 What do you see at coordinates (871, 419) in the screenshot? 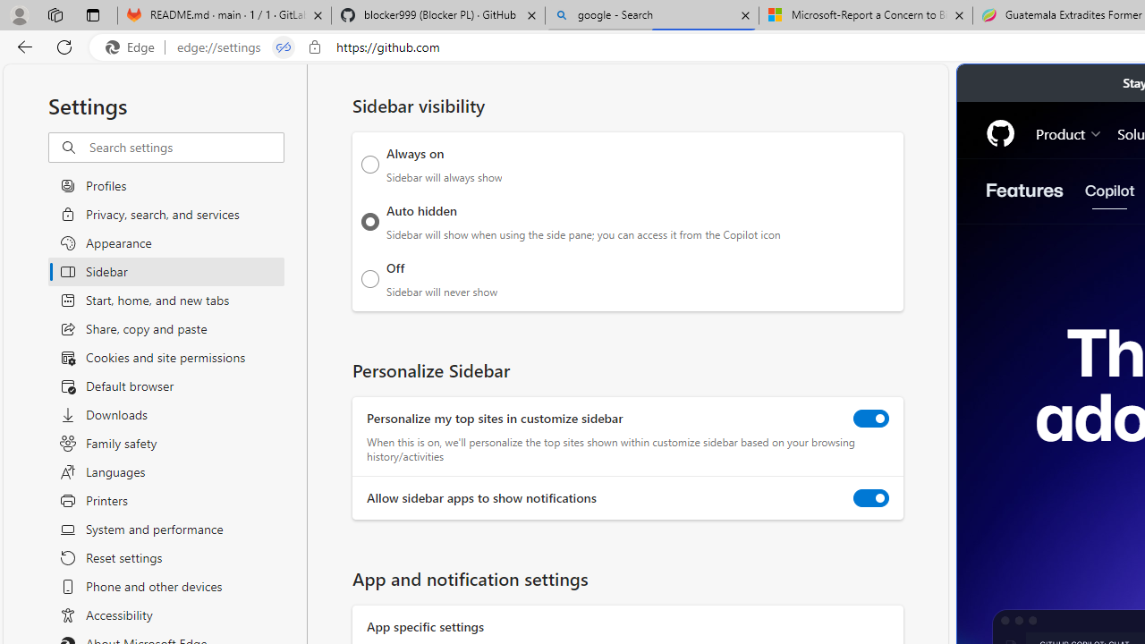
I see `'Personalize my top sites in customize sidebar'` at bounding box center [871, 419].